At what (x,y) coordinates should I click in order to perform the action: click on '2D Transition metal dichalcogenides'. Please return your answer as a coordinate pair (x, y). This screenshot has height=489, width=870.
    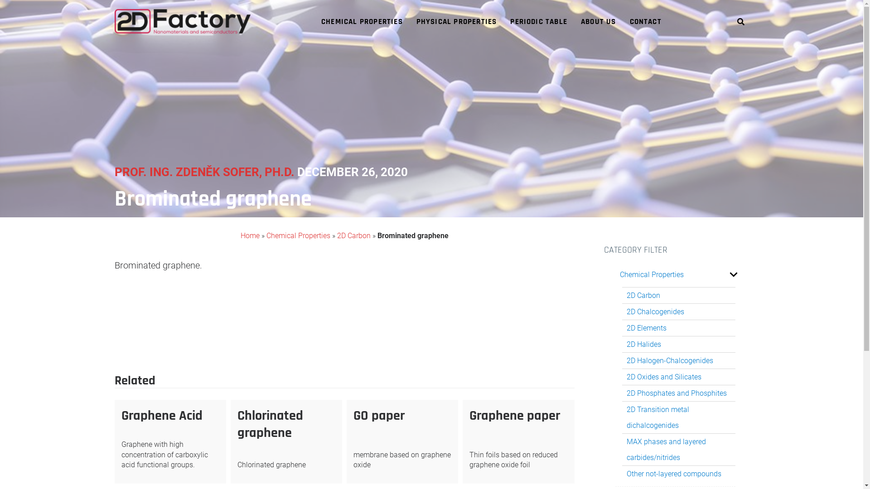
    Looking at the image, I should click on (679, 417).